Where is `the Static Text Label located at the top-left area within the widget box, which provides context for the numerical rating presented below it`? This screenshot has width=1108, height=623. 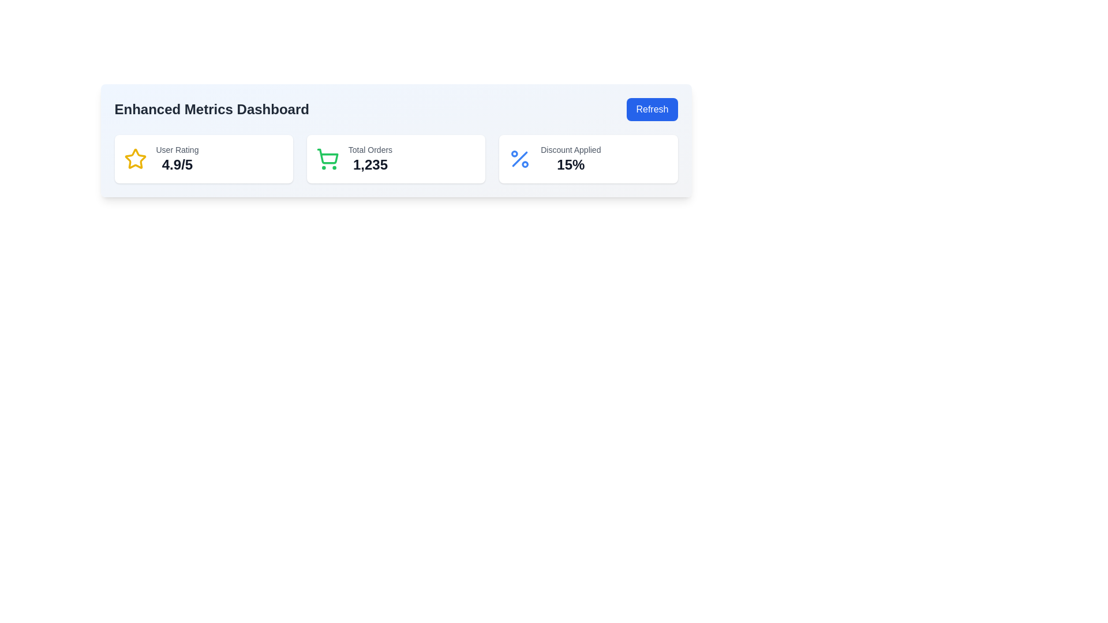 the Static Text Label located at the top-left area within the widget box, which provides context for the numerical rating presented below it is located at coordinates (177, 149).